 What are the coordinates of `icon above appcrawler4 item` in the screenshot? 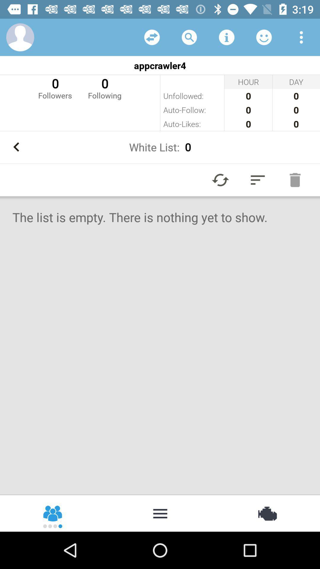 It's located at (189, 37).